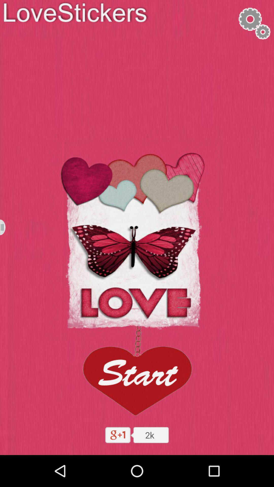 This screenshot has height=487, width=274. Describe the element at coordinates (6, 243) in the screenshot. I see `the menu icon` at that location.